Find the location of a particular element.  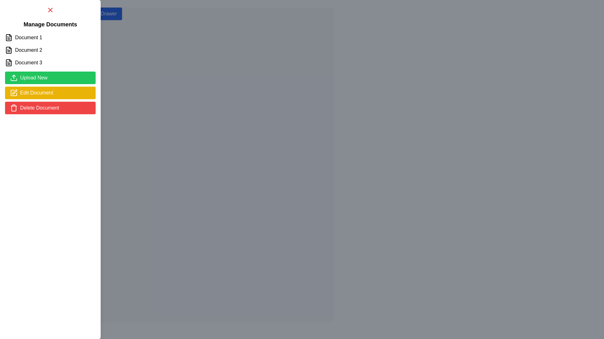

the bottom component of the upload icon located above the 'Upload New' text in the left sidebar panel is located at coordinates (14, 79).